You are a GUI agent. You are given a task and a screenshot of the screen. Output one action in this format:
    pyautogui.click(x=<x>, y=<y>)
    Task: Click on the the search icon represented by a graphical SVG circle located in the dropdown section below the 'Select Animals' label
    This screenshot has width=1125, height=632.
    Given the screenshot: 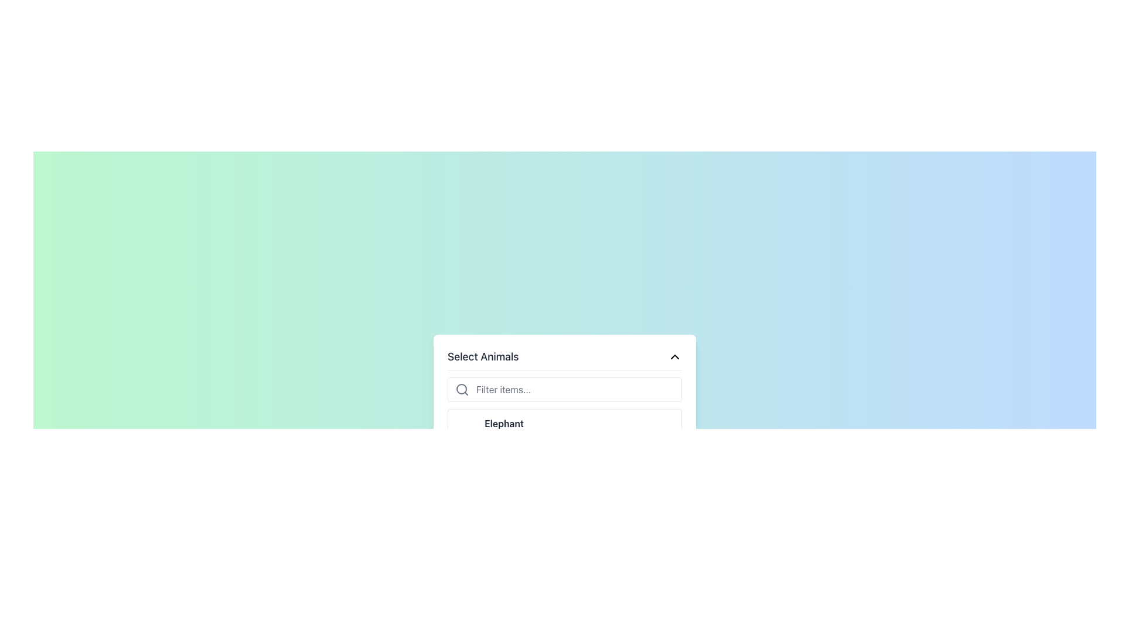 What is the action you would take?
    pyautogui.click(x=461, y=389)
    